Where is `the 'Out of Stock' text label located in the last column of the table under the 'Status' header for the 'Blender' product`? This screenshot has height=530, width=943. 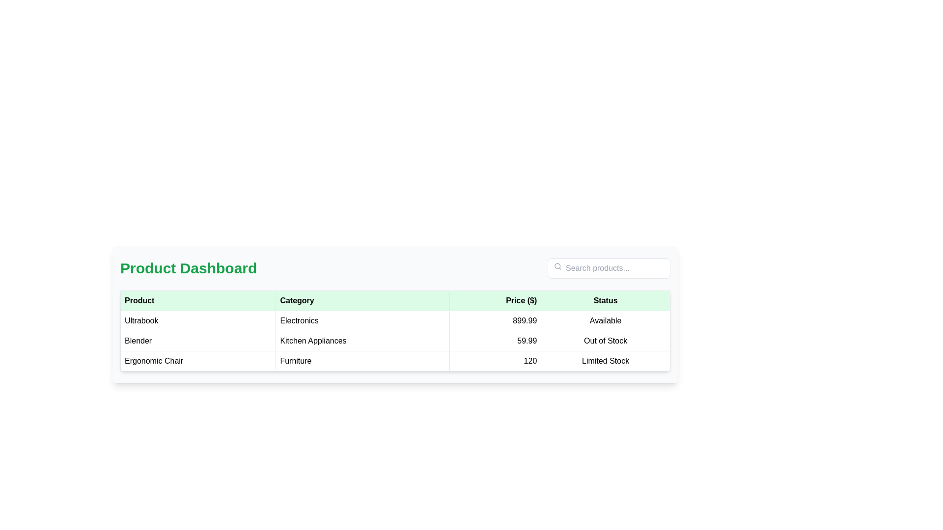
the 'Out of Stock' text label located in the last column of the table under the 'Status' header for the 'Blender' product is located at coordinates (605, 340).